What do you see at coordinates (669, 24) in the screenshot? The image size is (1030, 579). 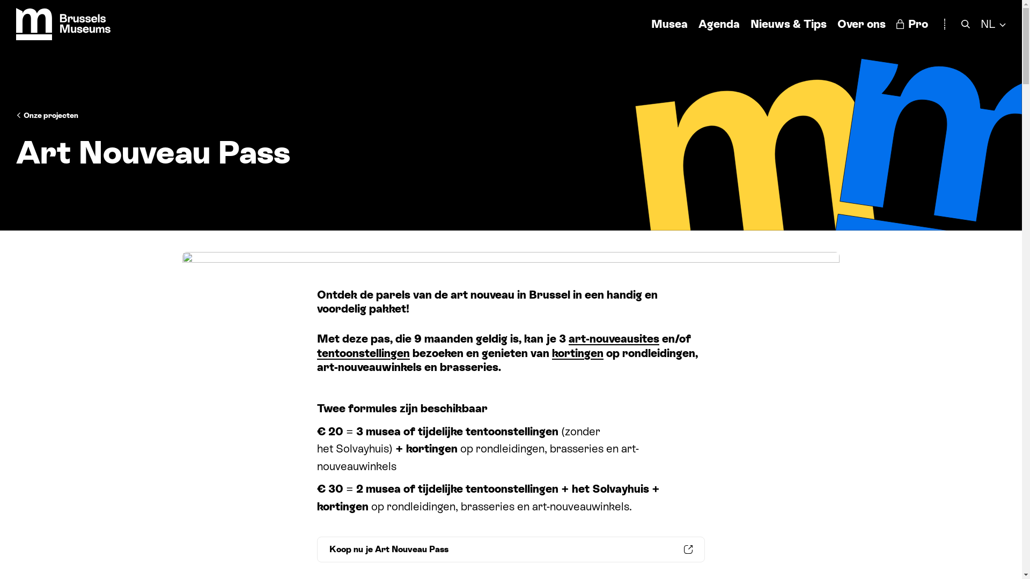 I see `'Musea'` at bounding box center [669, 24].